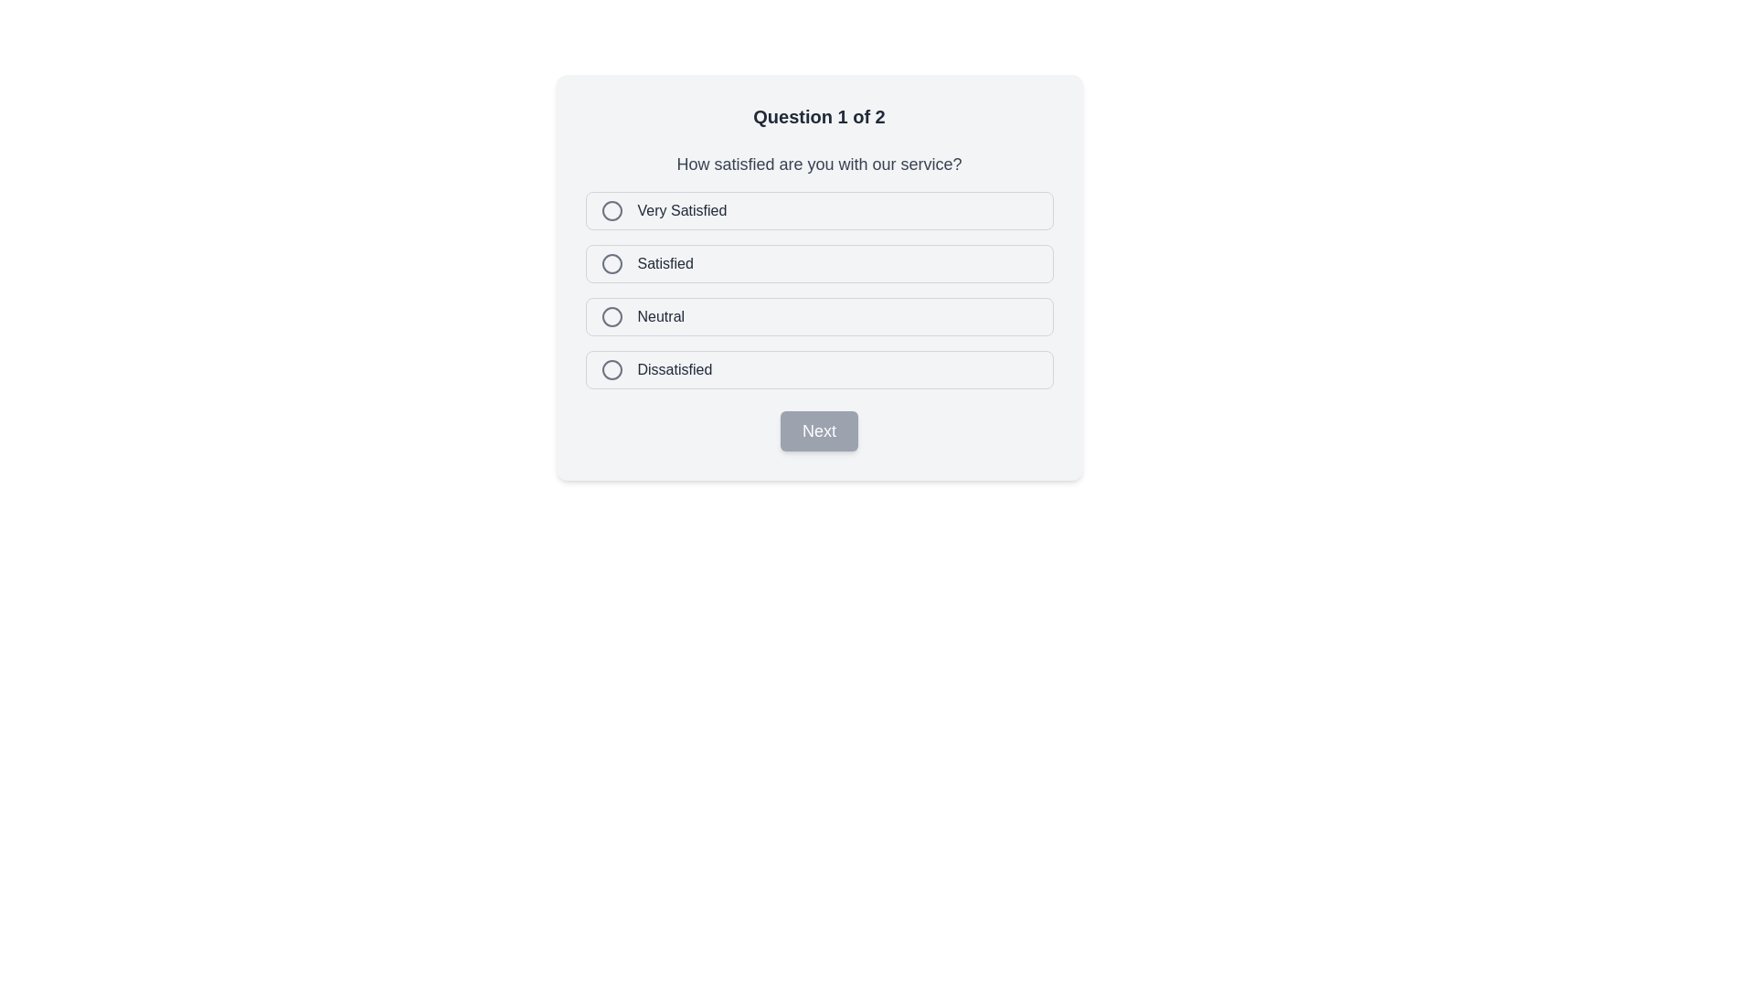  Describe the element at coordinates (612, 264) in the screenshot. I see `the 'Satisfied' RadioButton in the questionnaire` at that location.